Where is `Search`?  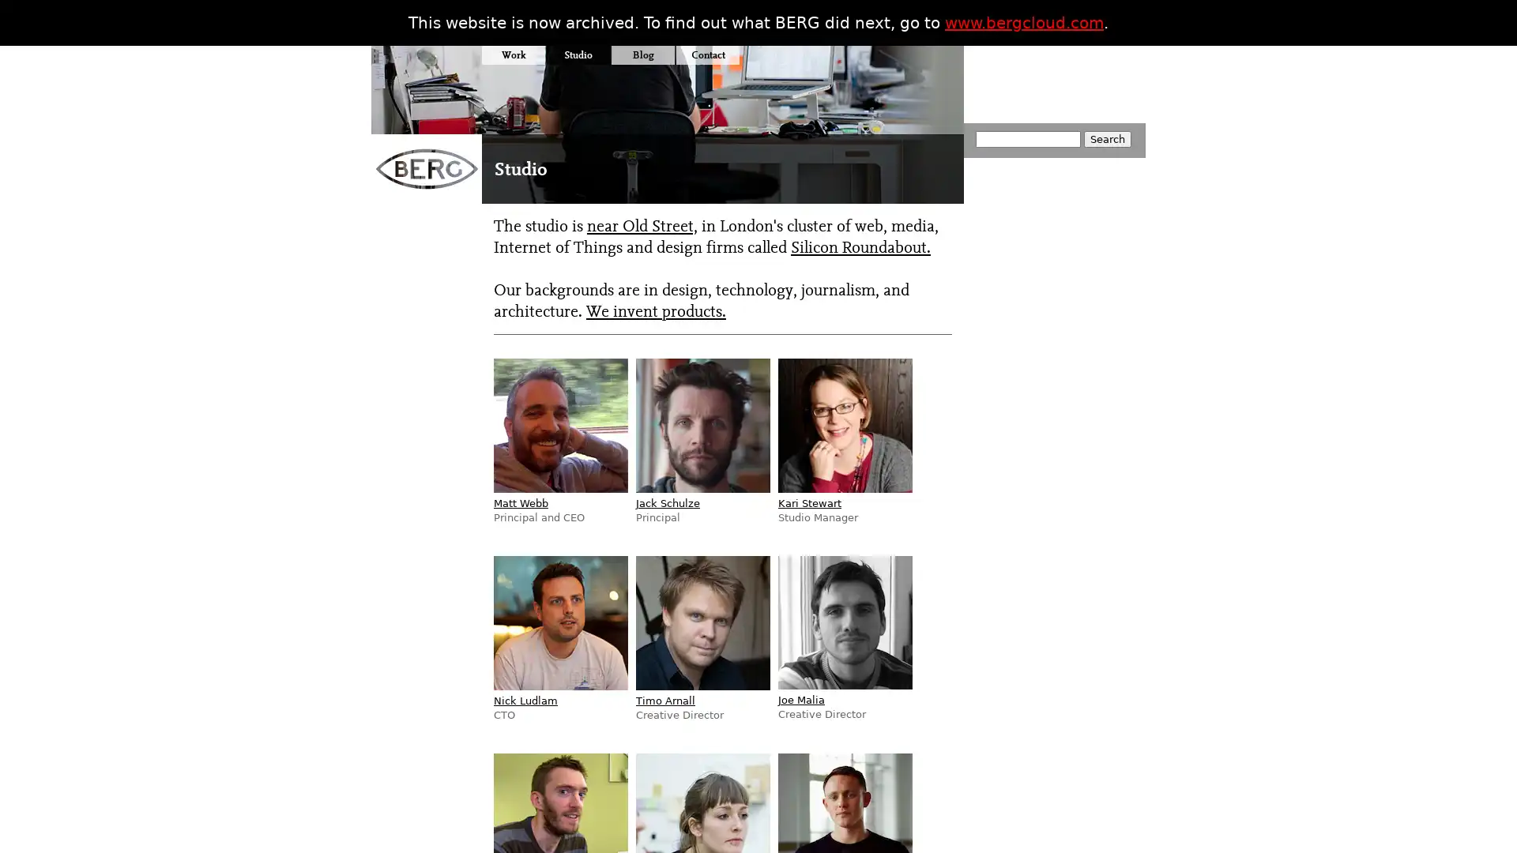 Search is located at coordinates (1106, 138).